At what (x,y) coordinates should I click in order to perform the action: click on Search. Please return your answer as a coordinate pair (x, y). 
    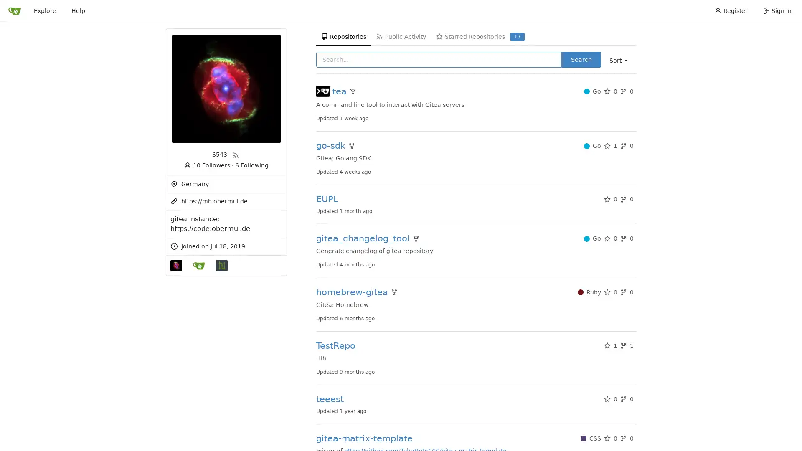
    Looking at the image, I should click on (581, 59).